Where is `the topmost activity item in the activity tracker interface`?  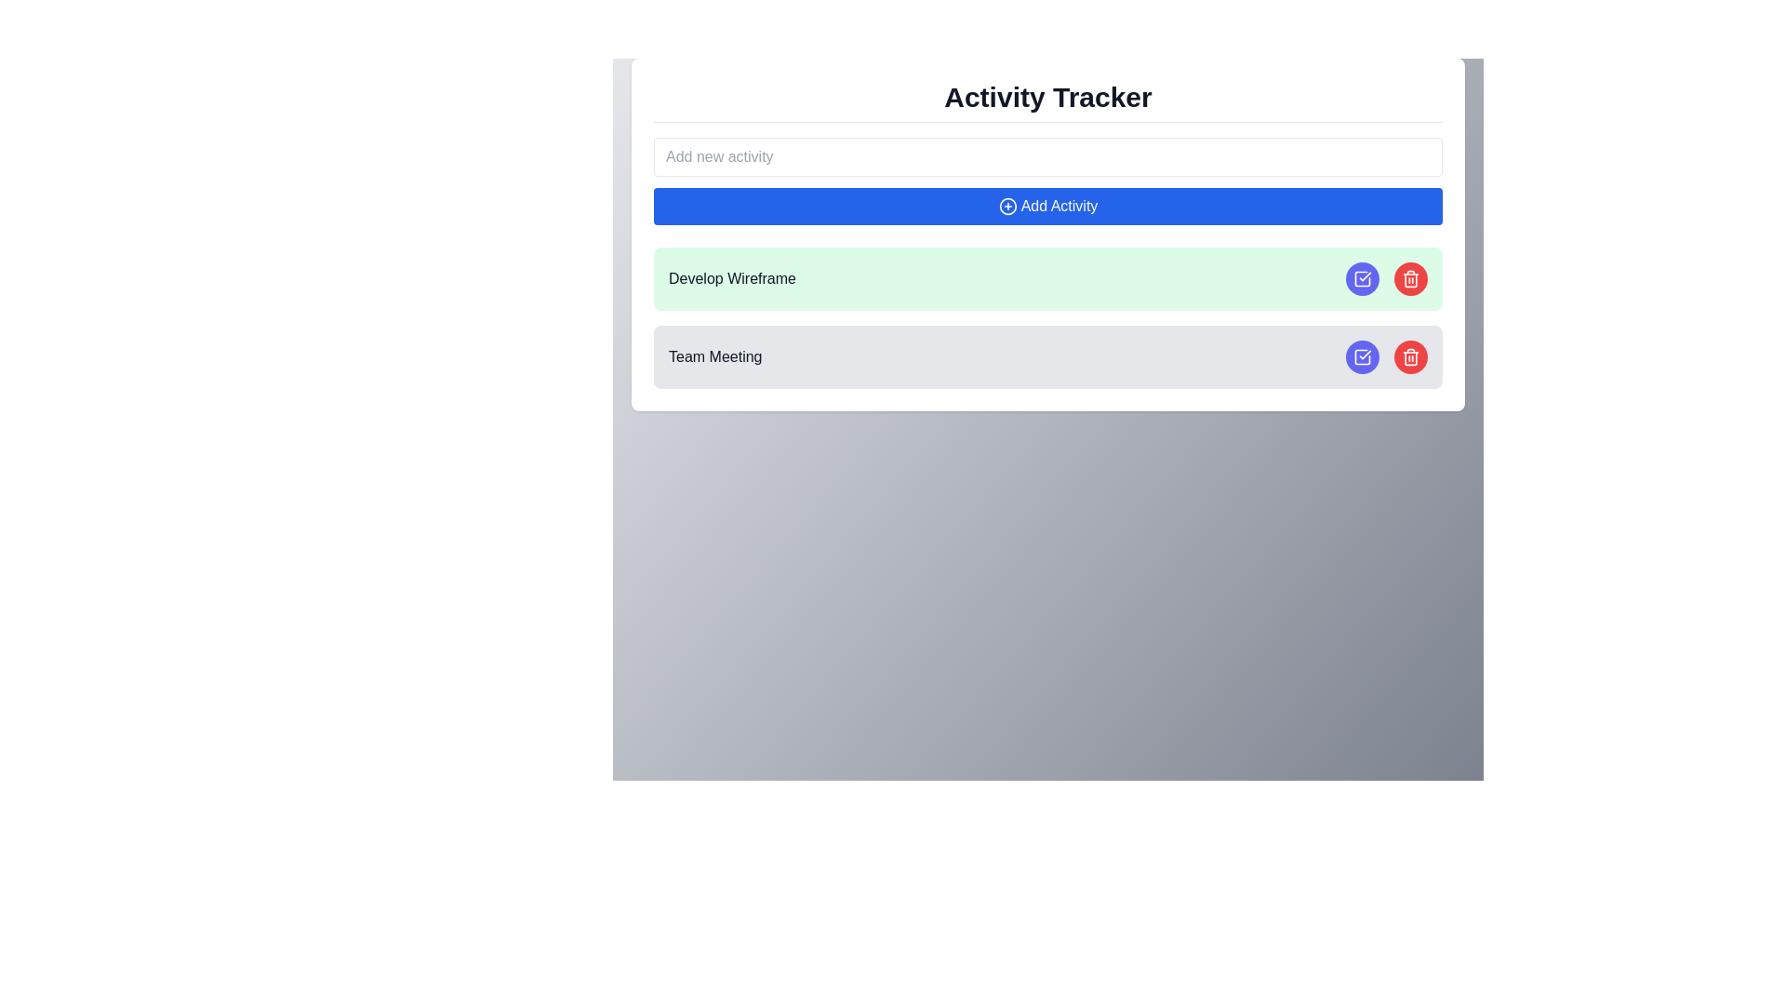 the topmost activity item in the activity tracker interface is located at coordinates (1048, 279).